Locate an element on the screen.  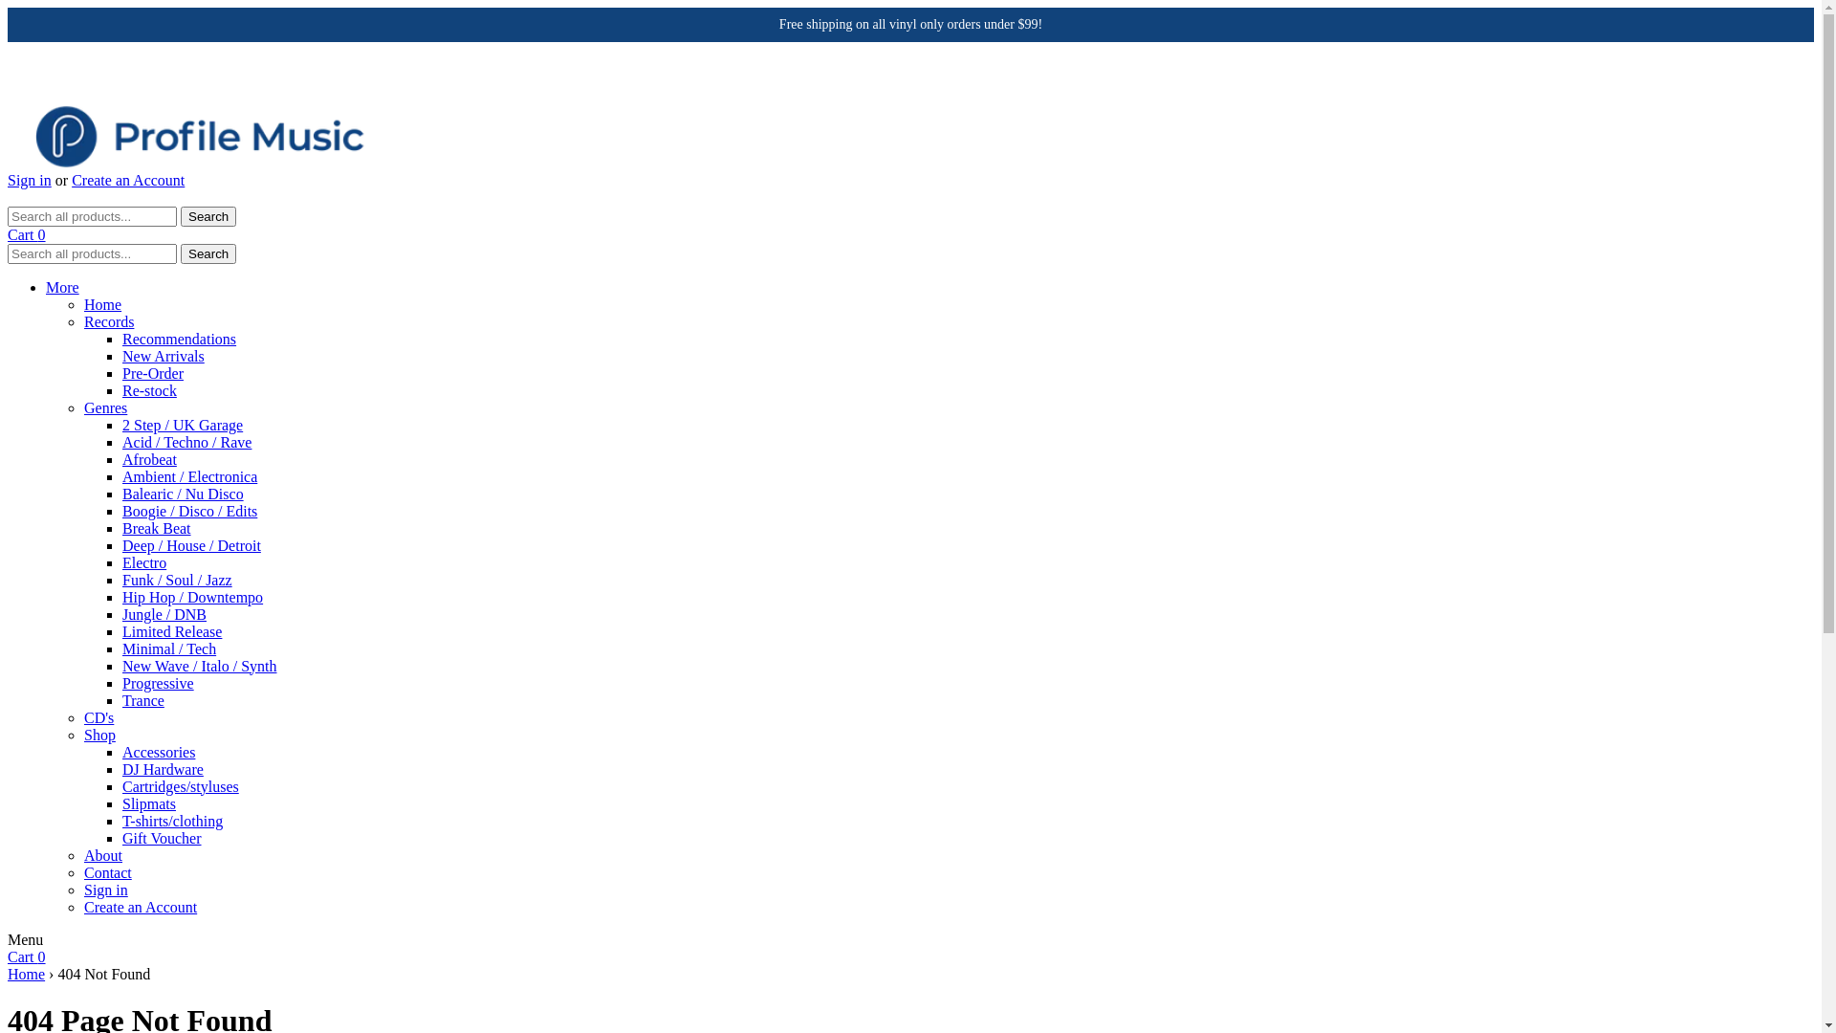
'Afrobeat' is located at coordinates (148, 459).